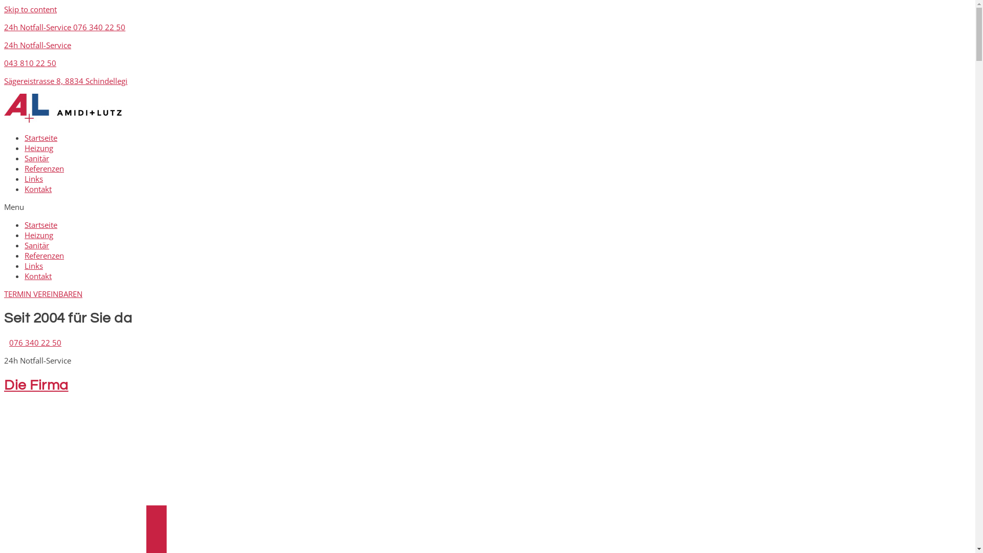  I want to click on 'Kontakt', so click(38, 189).